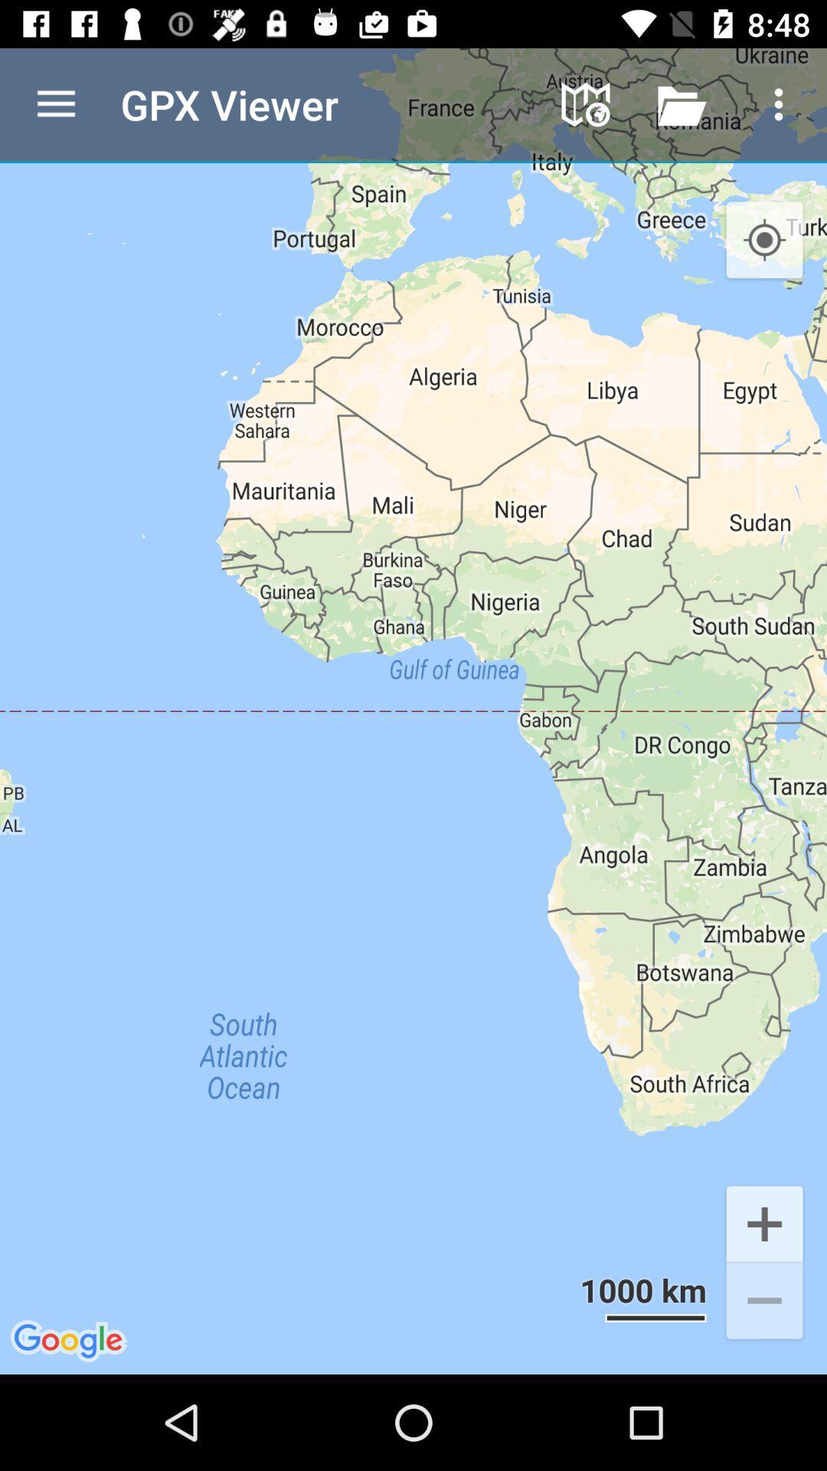 This screenshot has height=1471, width=827. What do you see at coordinates (764, 240) in the screenshot?
I see `the location_crosshair icon` at bounding box center [764, 240].